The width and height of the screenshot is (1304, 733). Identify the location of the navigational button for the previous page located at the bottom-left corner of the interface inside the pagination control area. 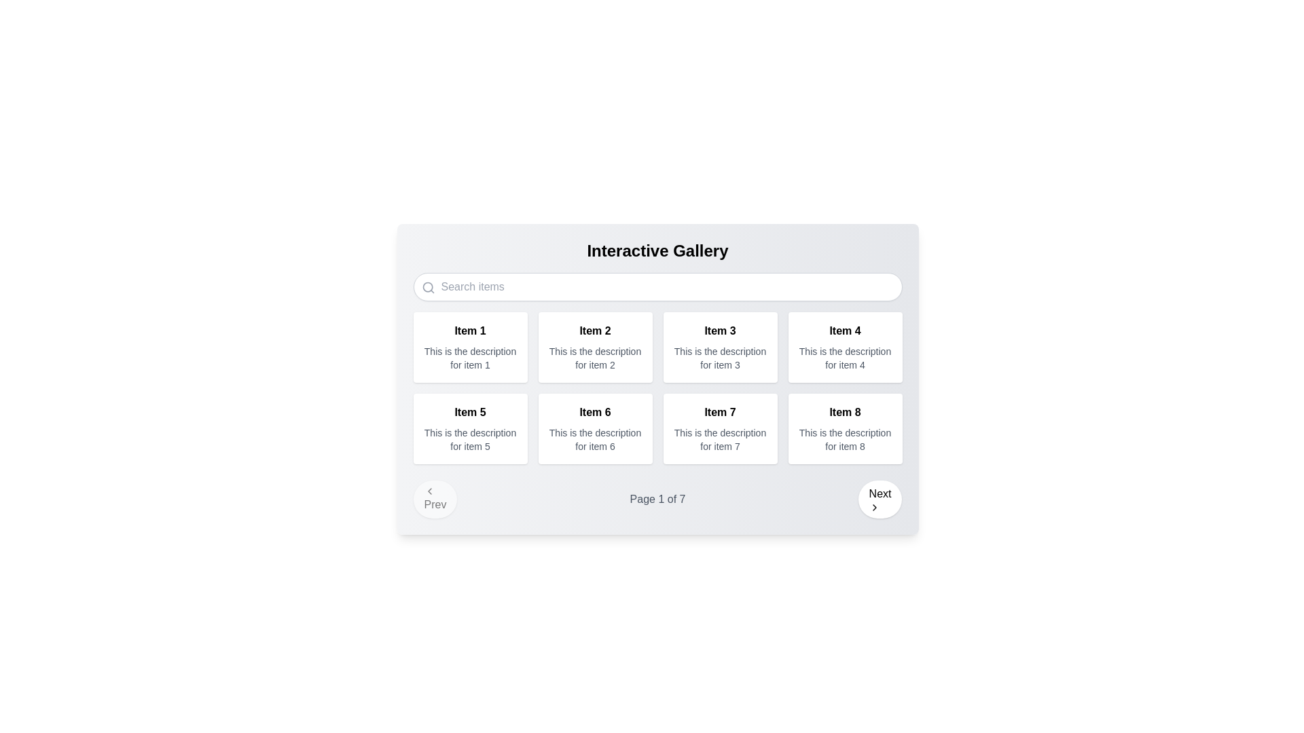
(435, 500).